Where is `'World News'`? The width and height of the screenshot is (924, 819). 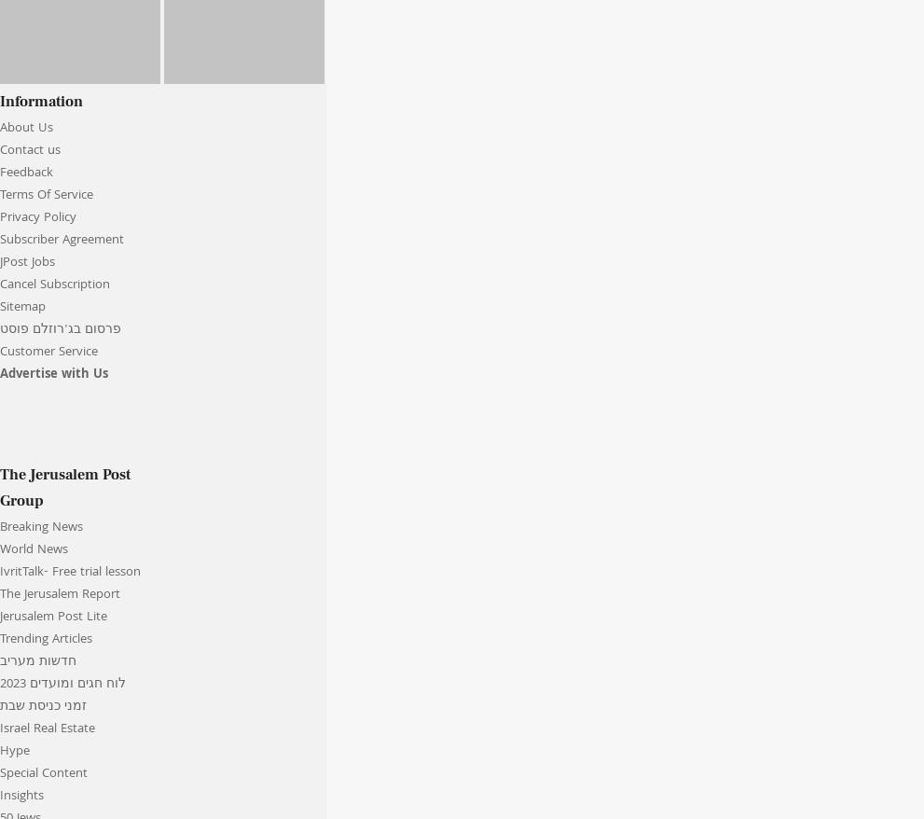 'World News' is located at coordinates (33, 550).